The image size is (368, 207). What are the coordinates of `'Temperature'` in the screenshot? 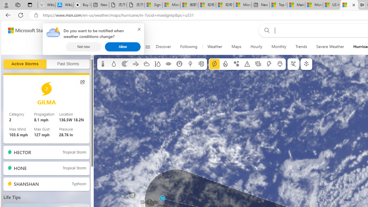 It's located at (103, 64).